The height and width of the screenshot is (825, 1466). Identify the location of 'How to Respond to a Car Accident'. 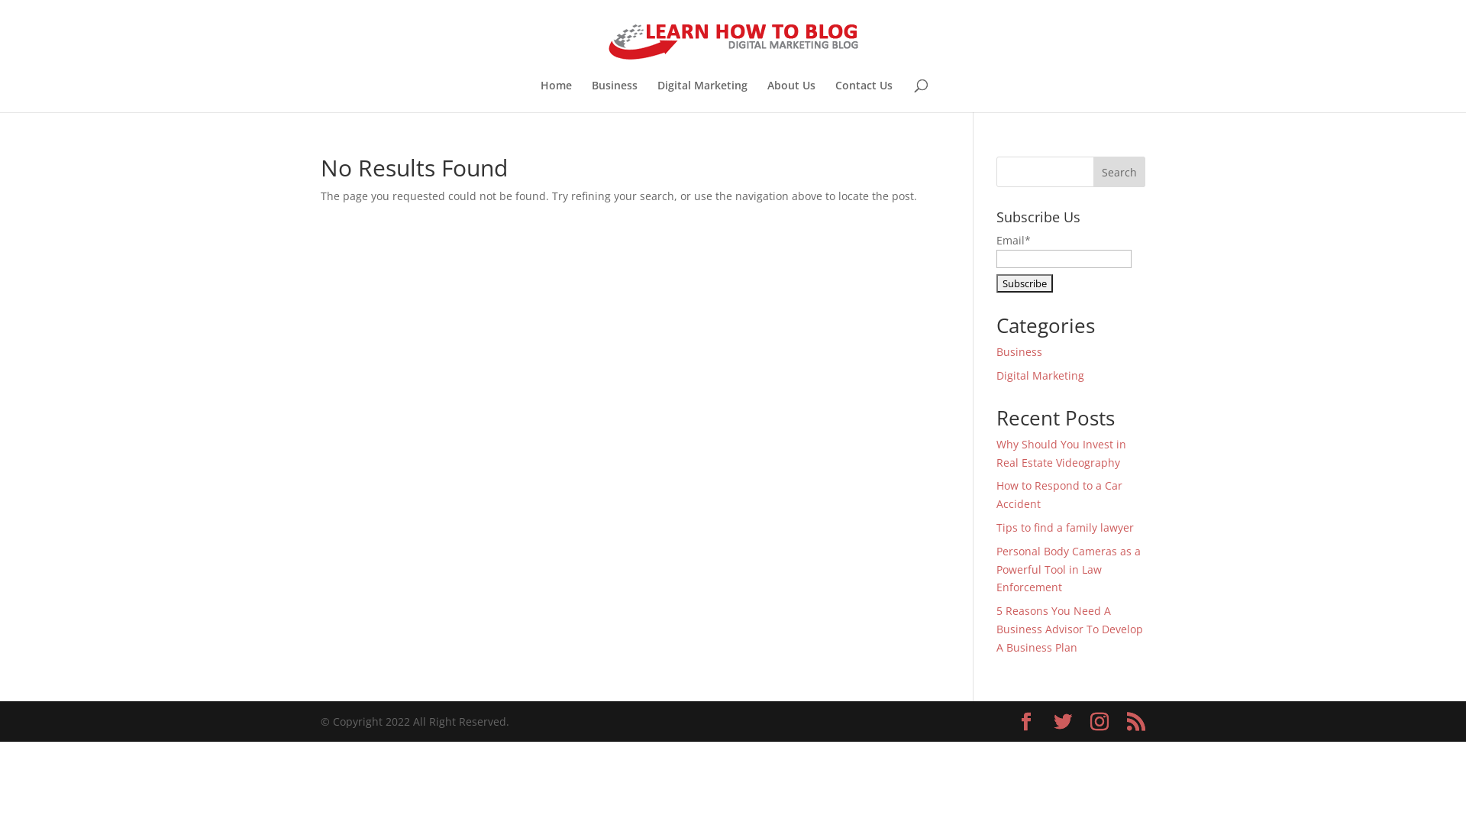
(1058, 494).